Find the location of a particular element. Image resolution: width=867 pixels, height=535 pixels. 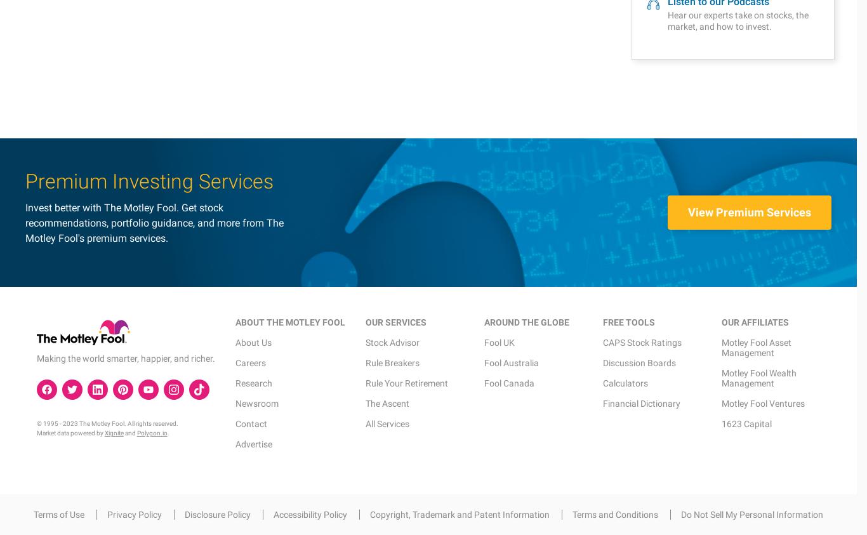

'Privacy Policy' is located at coordinates (134, 225).